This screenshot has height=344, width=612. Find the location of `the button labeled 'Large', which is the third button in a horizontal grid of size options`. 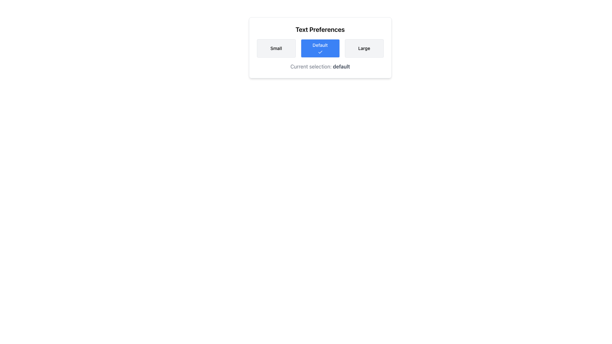

the button labeled 'Large', which is the third button in a horizontal grid of size options is located at coordinates (364, 48).